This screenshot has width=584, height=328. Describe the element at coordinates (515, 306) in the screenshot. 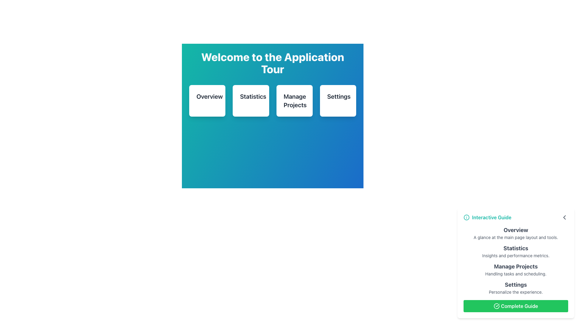

I see `the 'Complete Guide' button, which is a horizontally oriented rectangular button with a vibrant green background and white rounded corners, located at the bottom of the 'Interactive Guide' panel` at that location.